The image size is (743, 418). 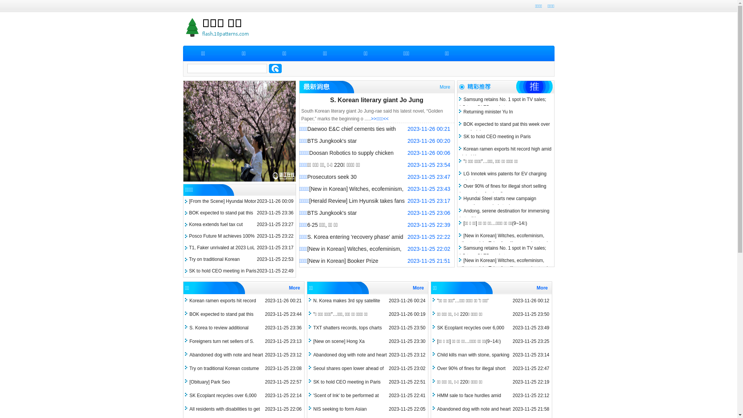 I want to click on 'Returning minister Yu In', so click(x=486, y=112).